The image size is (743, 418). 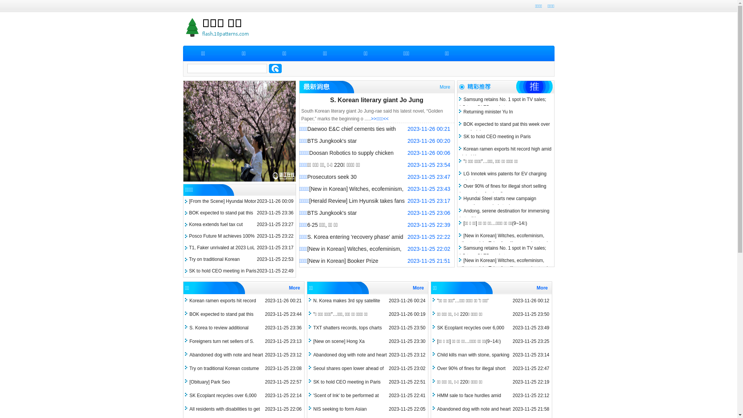 I want to click on 'Returning minister Yu In', so click(x=486, y=112).